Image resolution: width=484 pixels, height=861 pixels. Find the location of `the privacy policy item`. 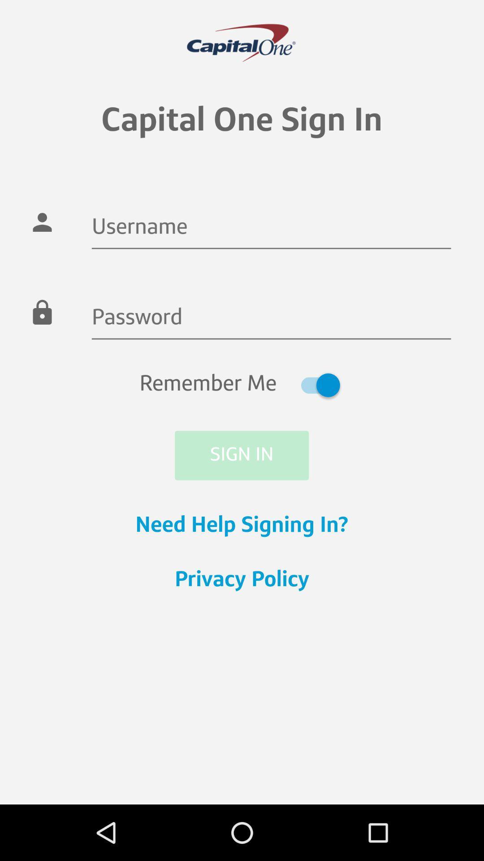

the privacy policy item is located at coordinates (242, 581).